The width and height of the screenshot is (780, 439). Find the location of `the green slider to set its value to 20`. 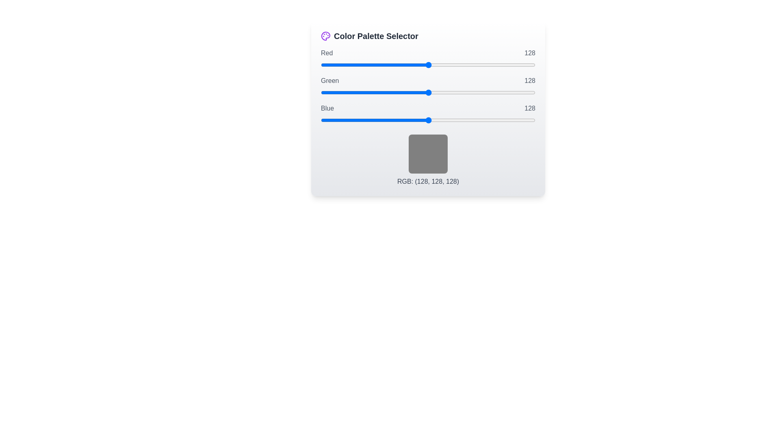

the green slider to set its value to 20 is located at coordinates (338, 92).